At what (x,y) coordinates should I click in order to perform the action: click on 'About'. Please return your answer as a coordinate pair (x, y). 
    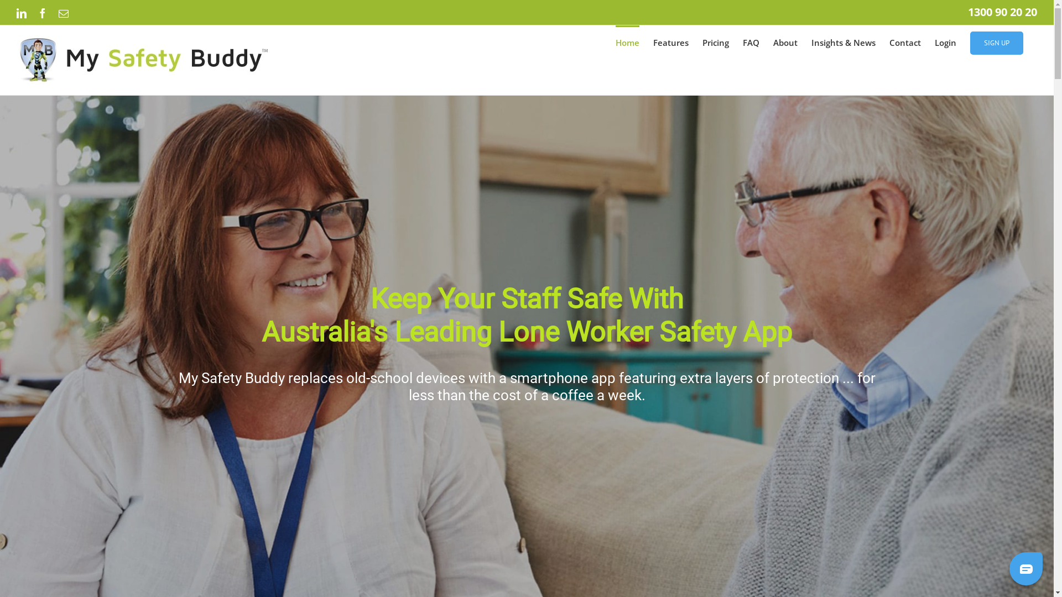
    Looking at the image, I should click on (772, 41).